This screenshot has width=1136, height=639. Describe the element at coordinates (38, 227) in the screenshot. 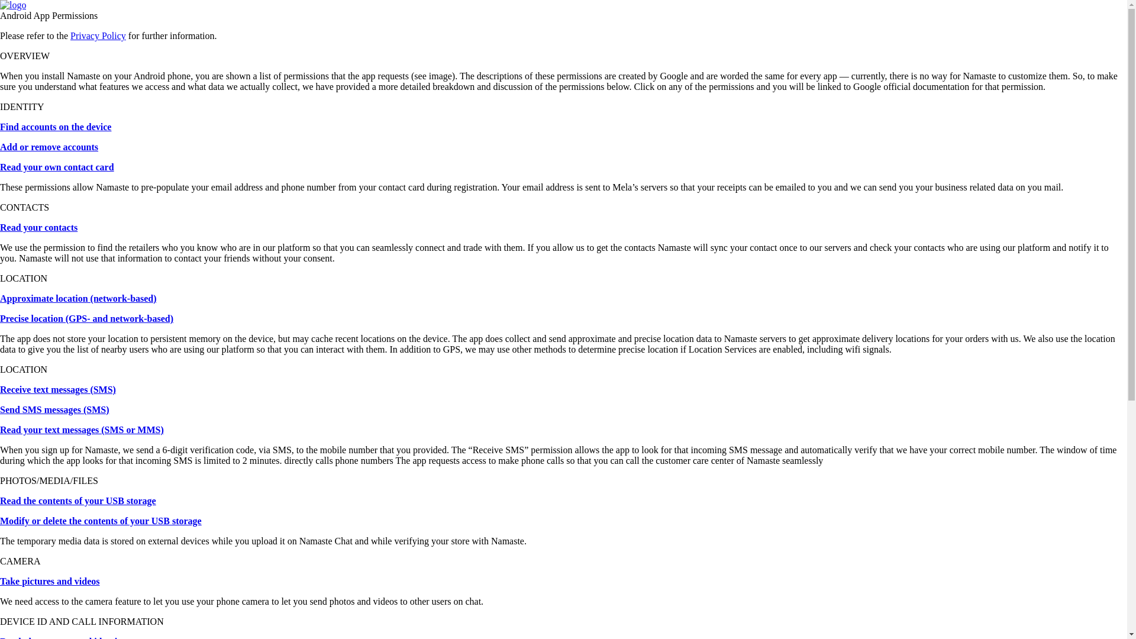

I see `'Read your contacts'` at that location.